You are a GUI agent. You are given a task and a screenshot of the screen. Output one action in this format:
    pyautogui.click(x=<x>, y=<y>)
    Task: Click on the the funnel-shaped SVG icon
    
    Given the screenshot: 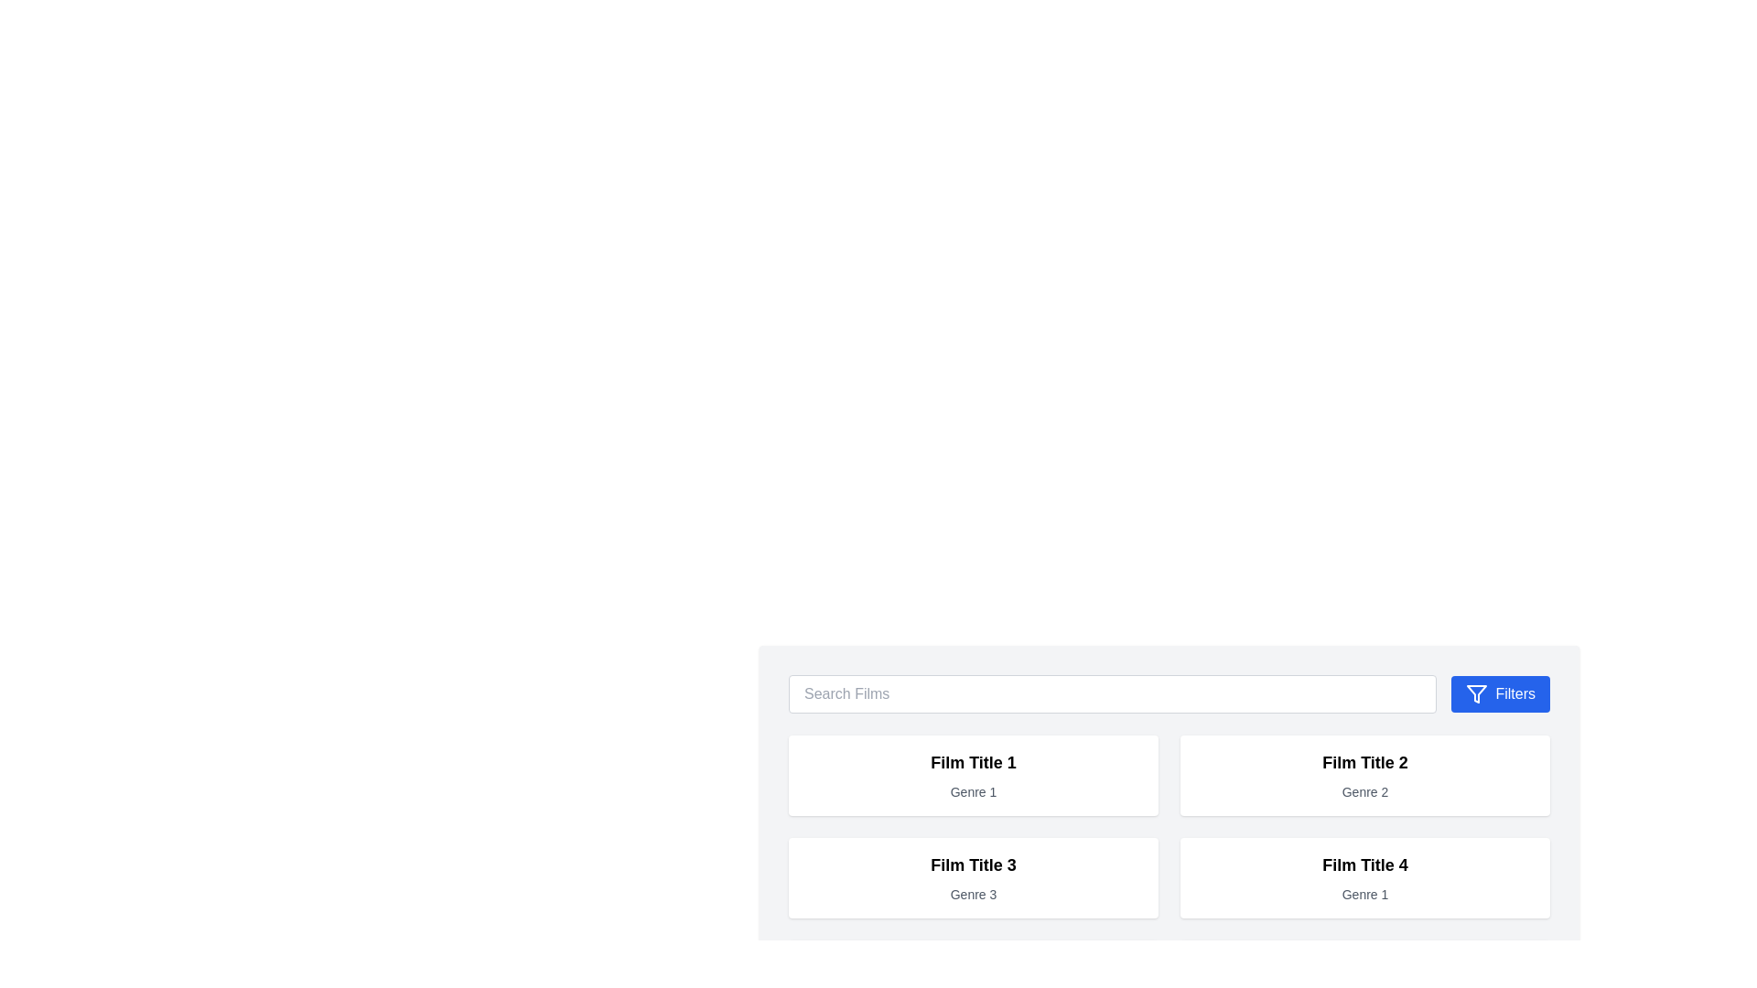 What is the action you would take?
    pyautogui.click(x=1477, y=694)
    